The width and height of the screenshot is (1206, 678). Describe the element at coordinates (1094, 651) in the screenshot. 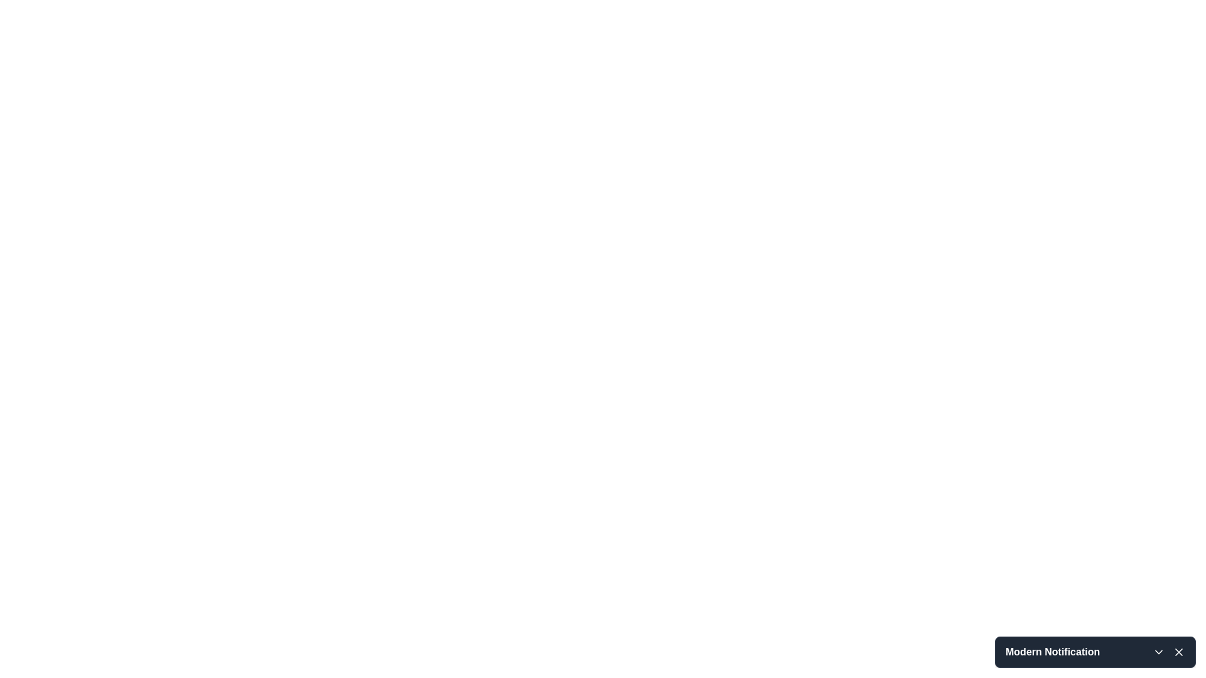

I see `the 'Modern Notification' alert box located at the bottom-right corner of the interface, which includes interactive controls for expanding details and closing the box` at that location.